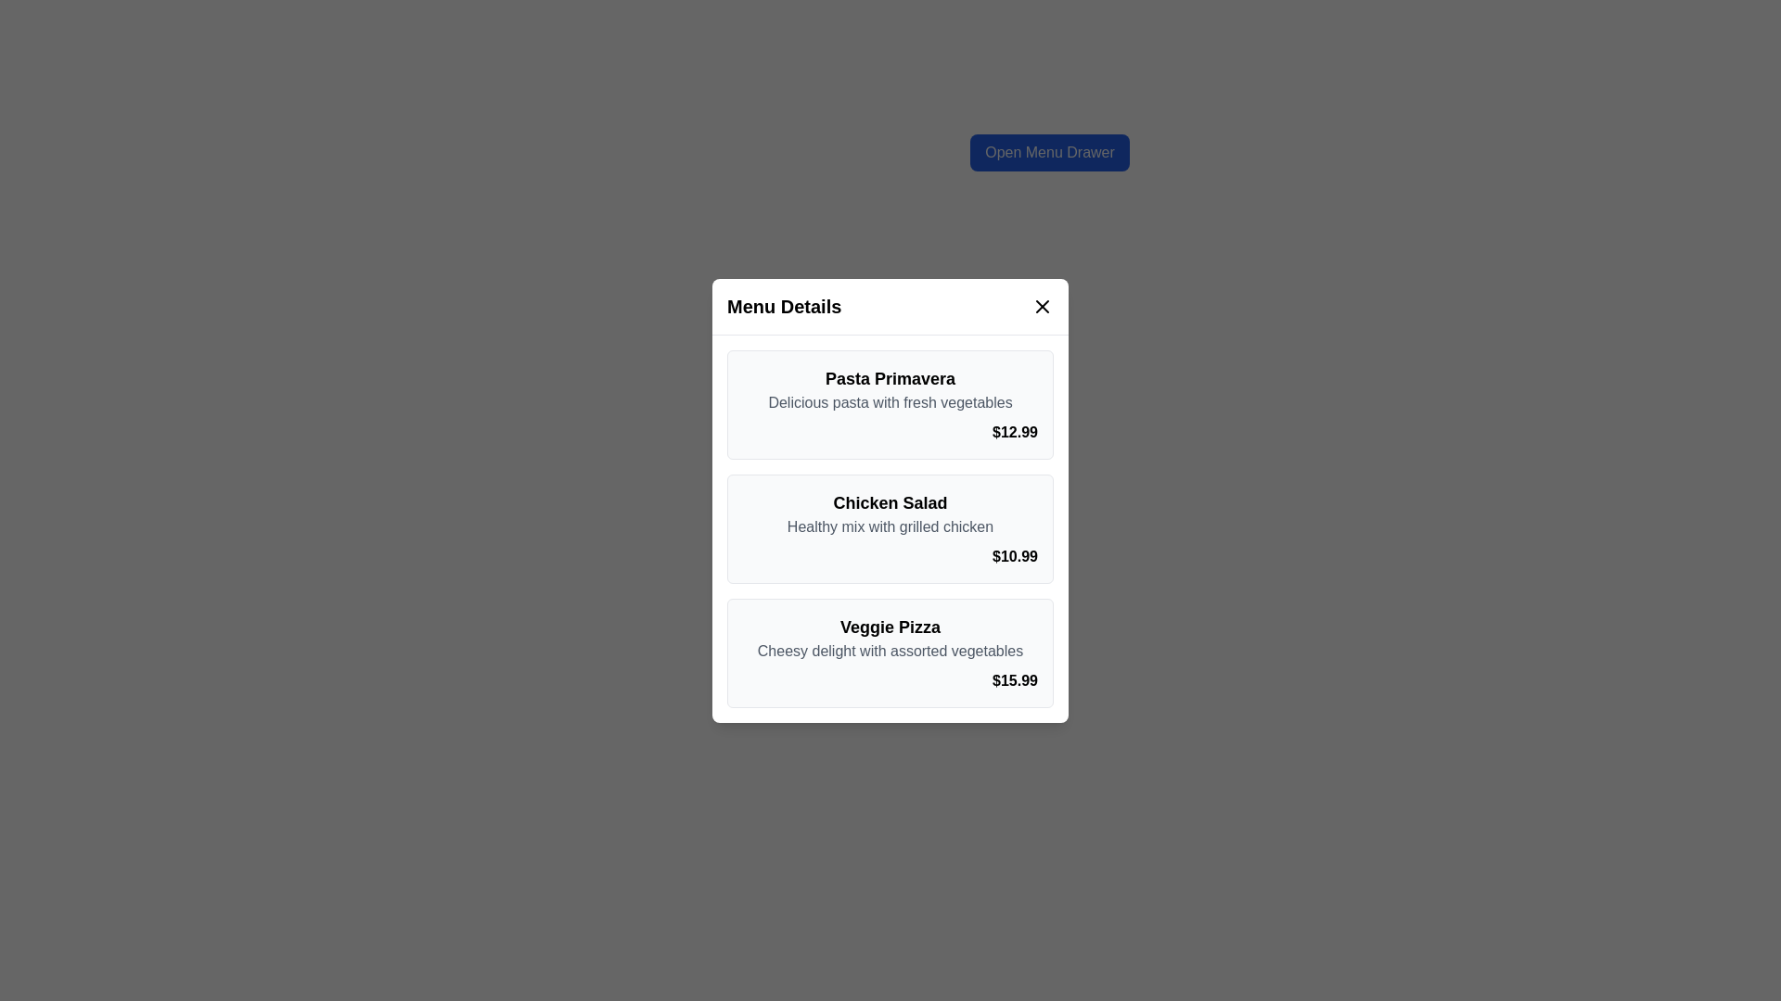 This screenshot has width=1781, height=1001. Describe the element at coordinates (1050, 152) in the screenshot. I see `the button located in the top-right quadrant of the interface` at that location.